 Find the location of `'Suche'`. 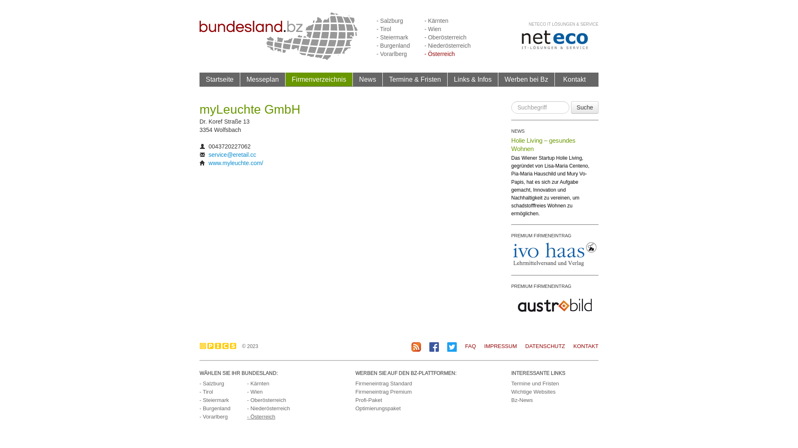

'Suche' is located at coordinates (570, 107).